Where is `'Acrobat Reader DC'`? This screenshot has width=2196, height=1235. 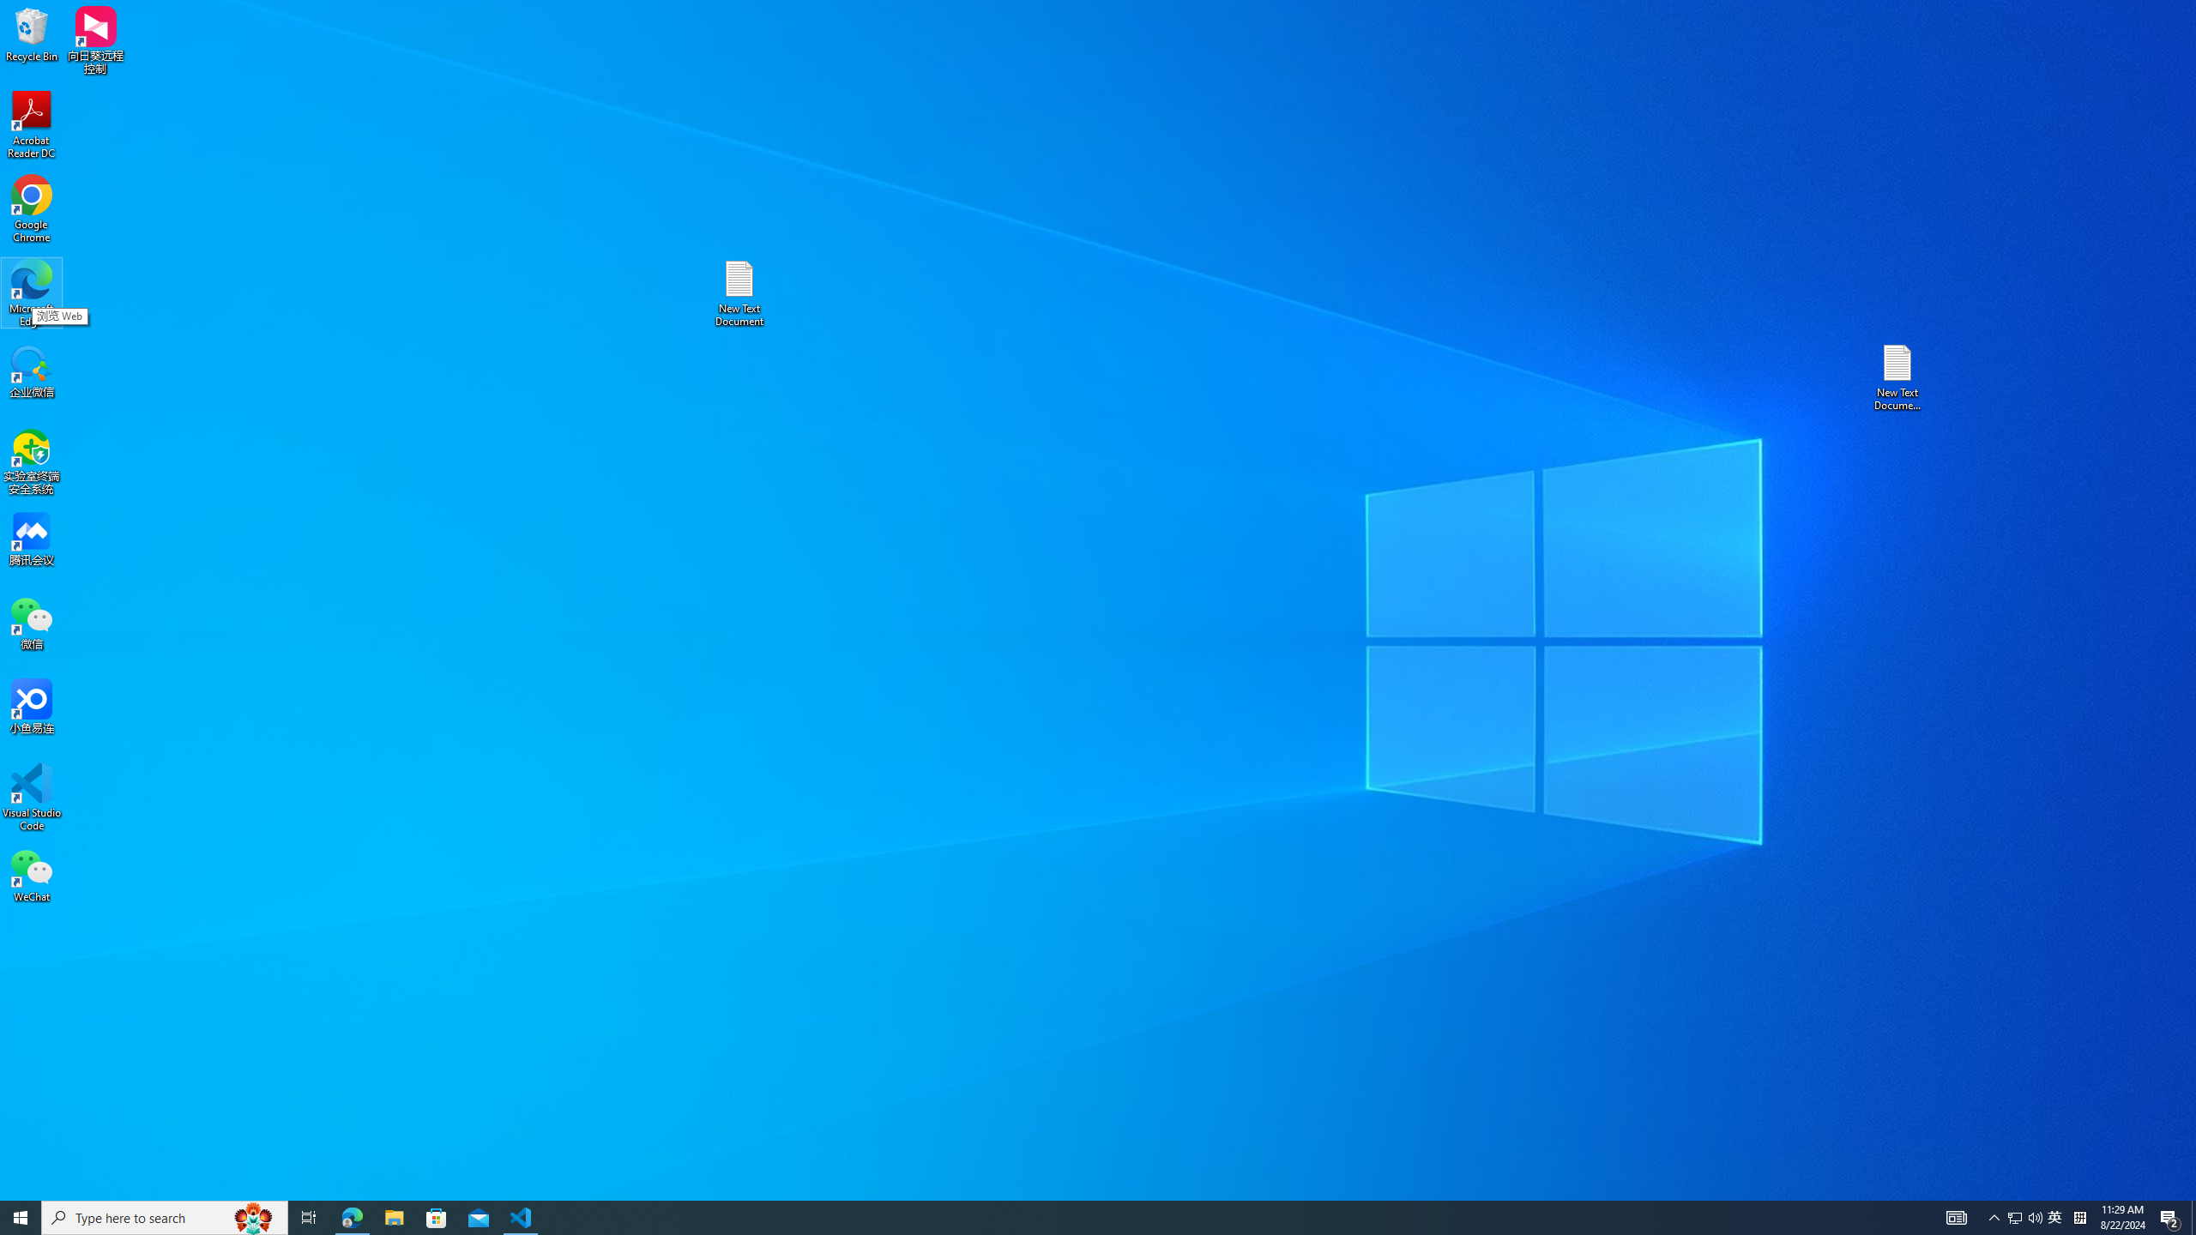
'Acrobat Reader DC' is located at coordinates (31, 124).